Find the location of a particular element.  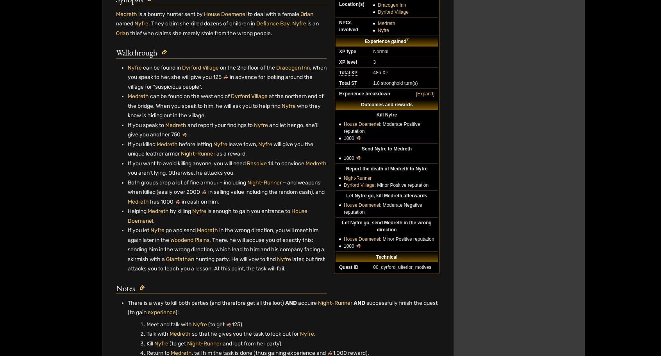

'Community' is located at coordinates (347, 326).